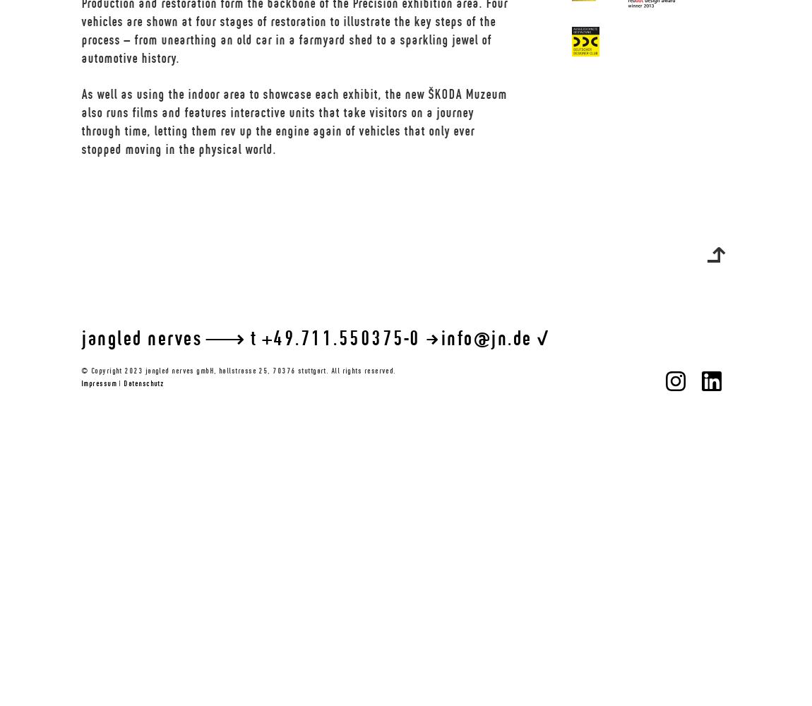  What do you see at coordinates (332, 337) in the screenshot?
I see `'+49.711.550375'` at bounding box center [332, 337].